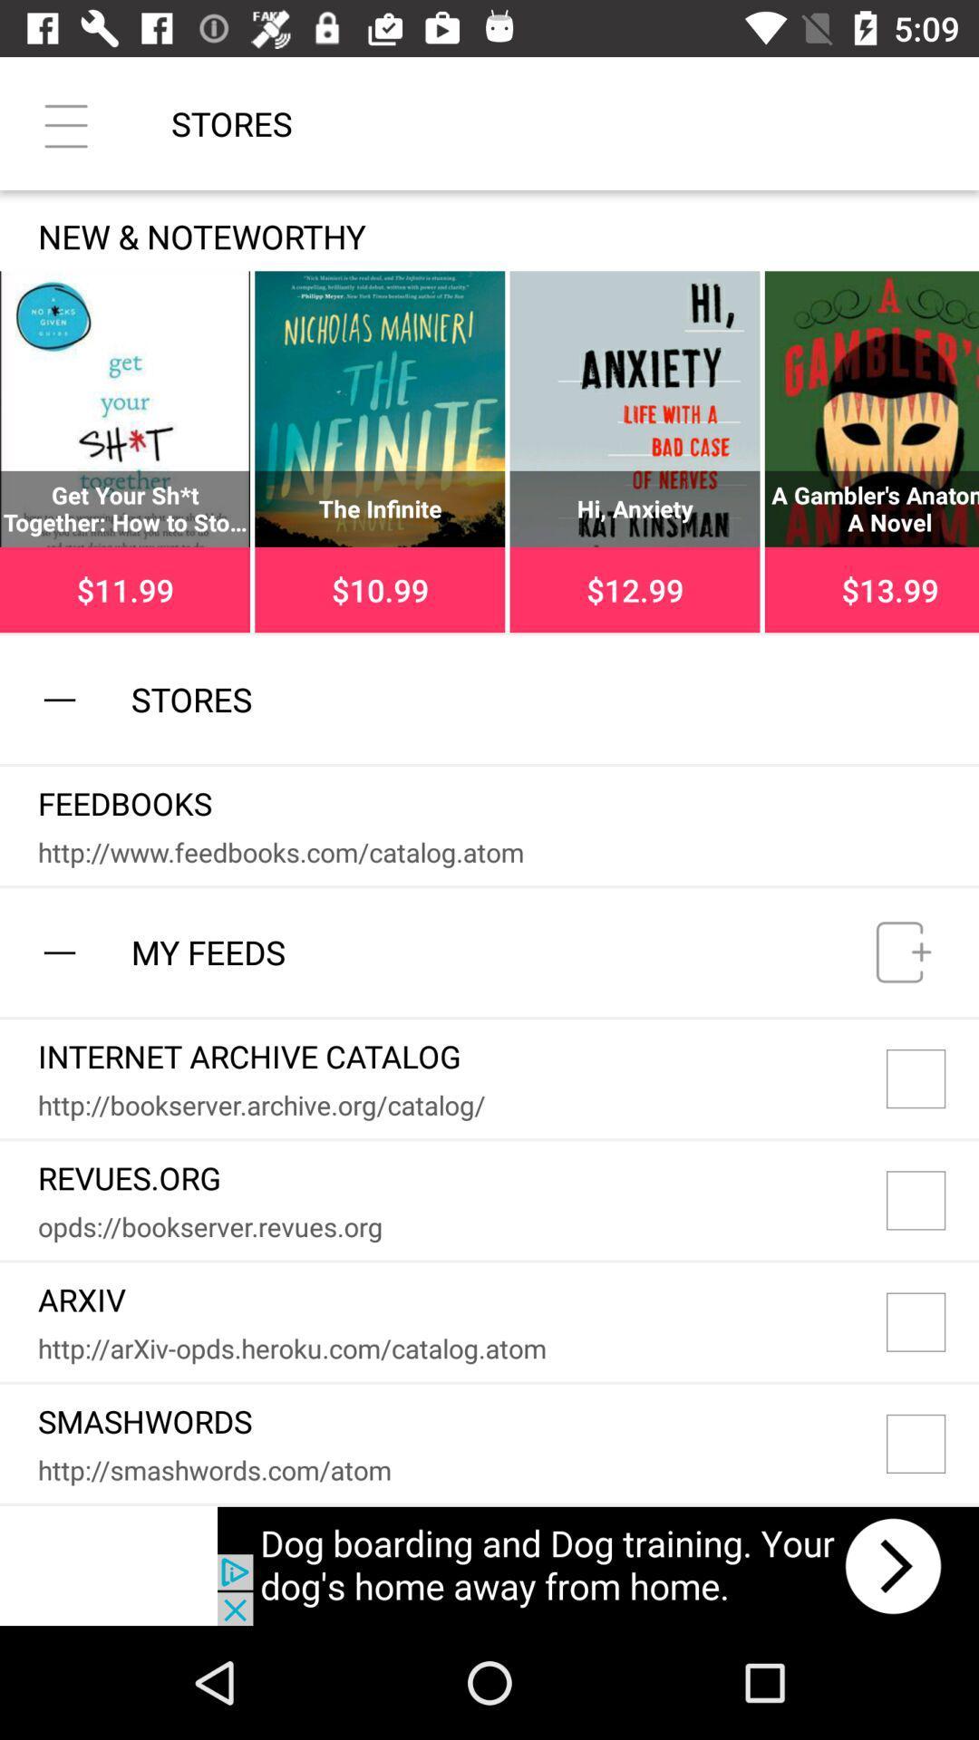 This screenshot has height=1740, width=979. I want to click on check the box, so click(933, 1078).